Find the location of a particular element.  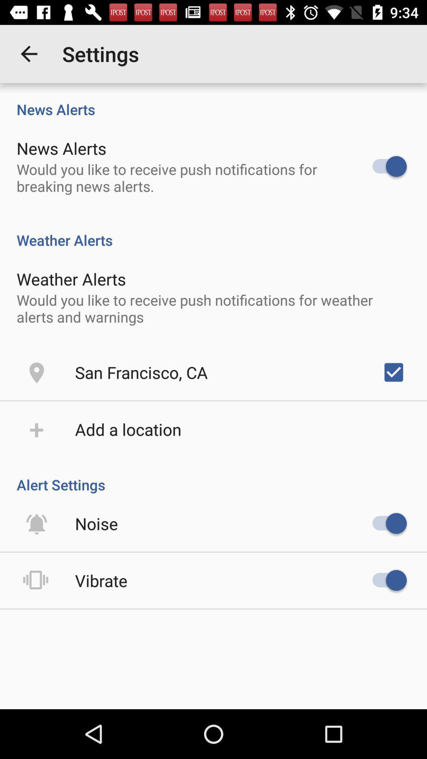

the icon above the add a location item is located at coordinates (141, 372).